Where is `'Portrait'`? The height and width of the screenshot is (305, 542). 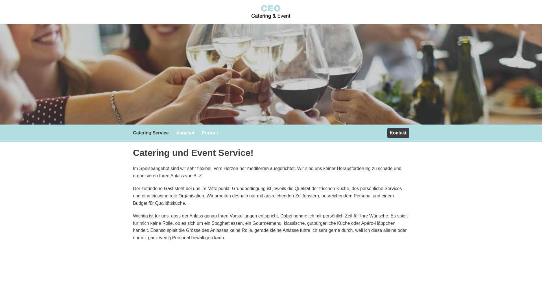 'Portrait' is located at coordinates (199, 133).